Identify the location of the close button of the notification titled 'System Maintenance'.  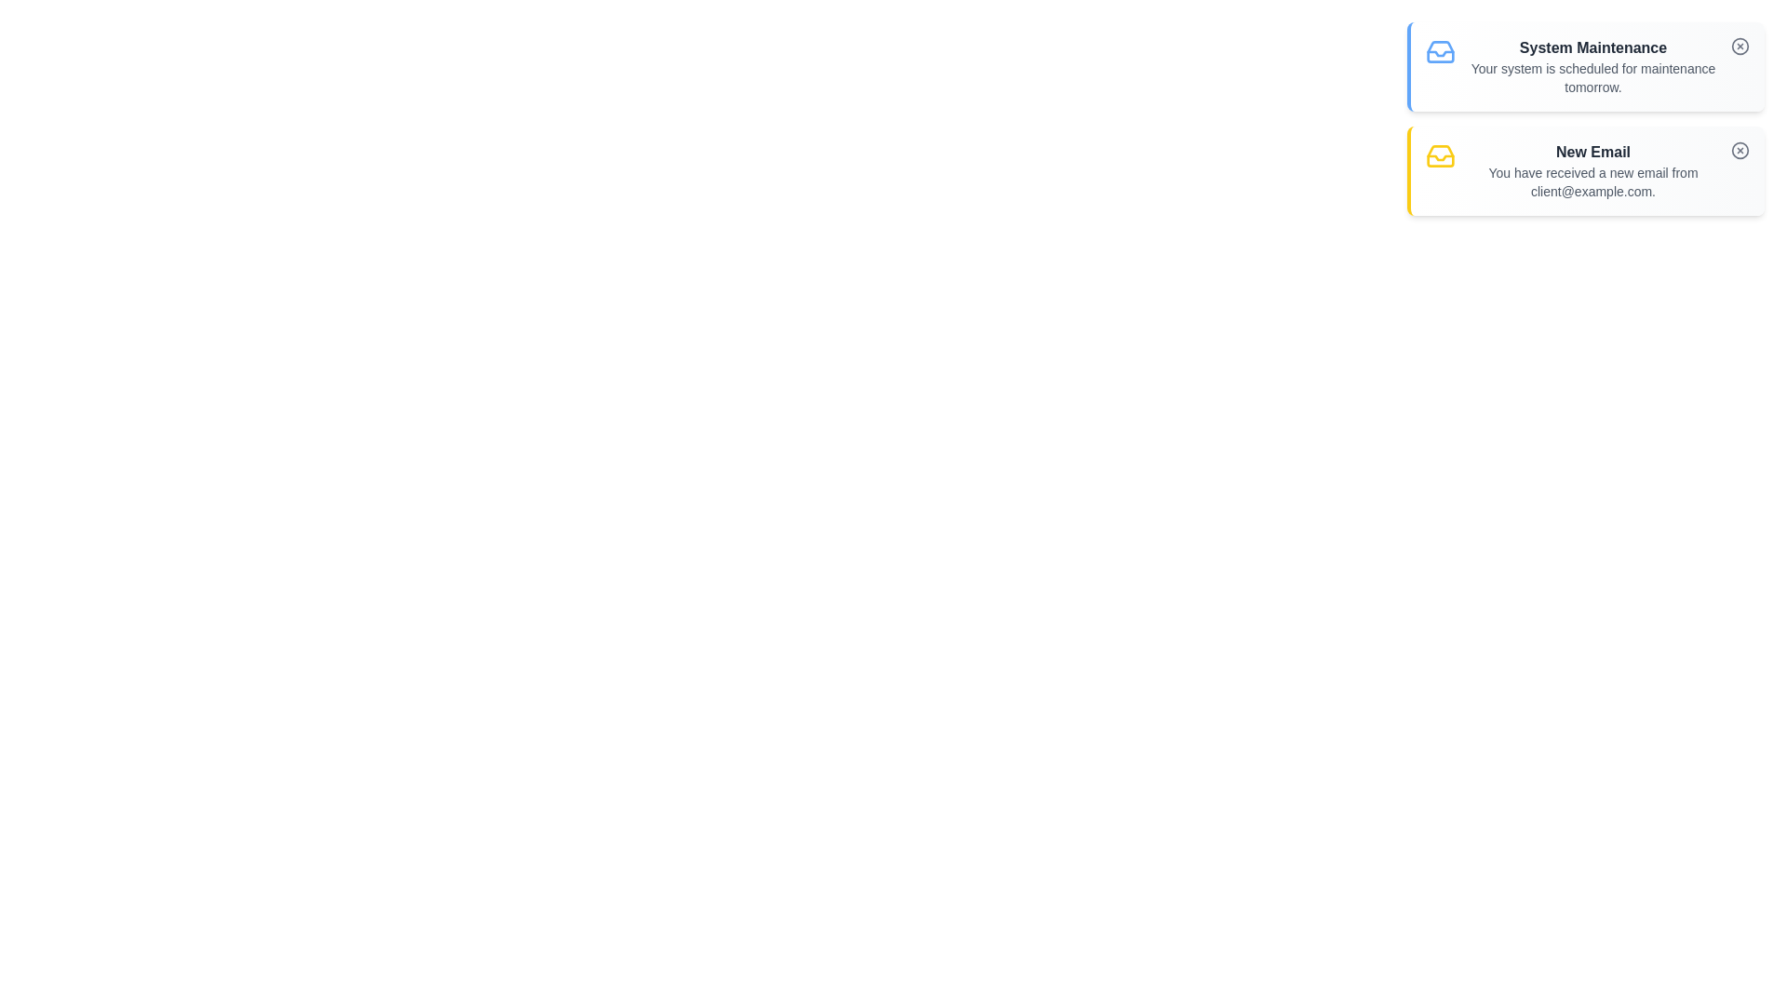
(1740, 46).